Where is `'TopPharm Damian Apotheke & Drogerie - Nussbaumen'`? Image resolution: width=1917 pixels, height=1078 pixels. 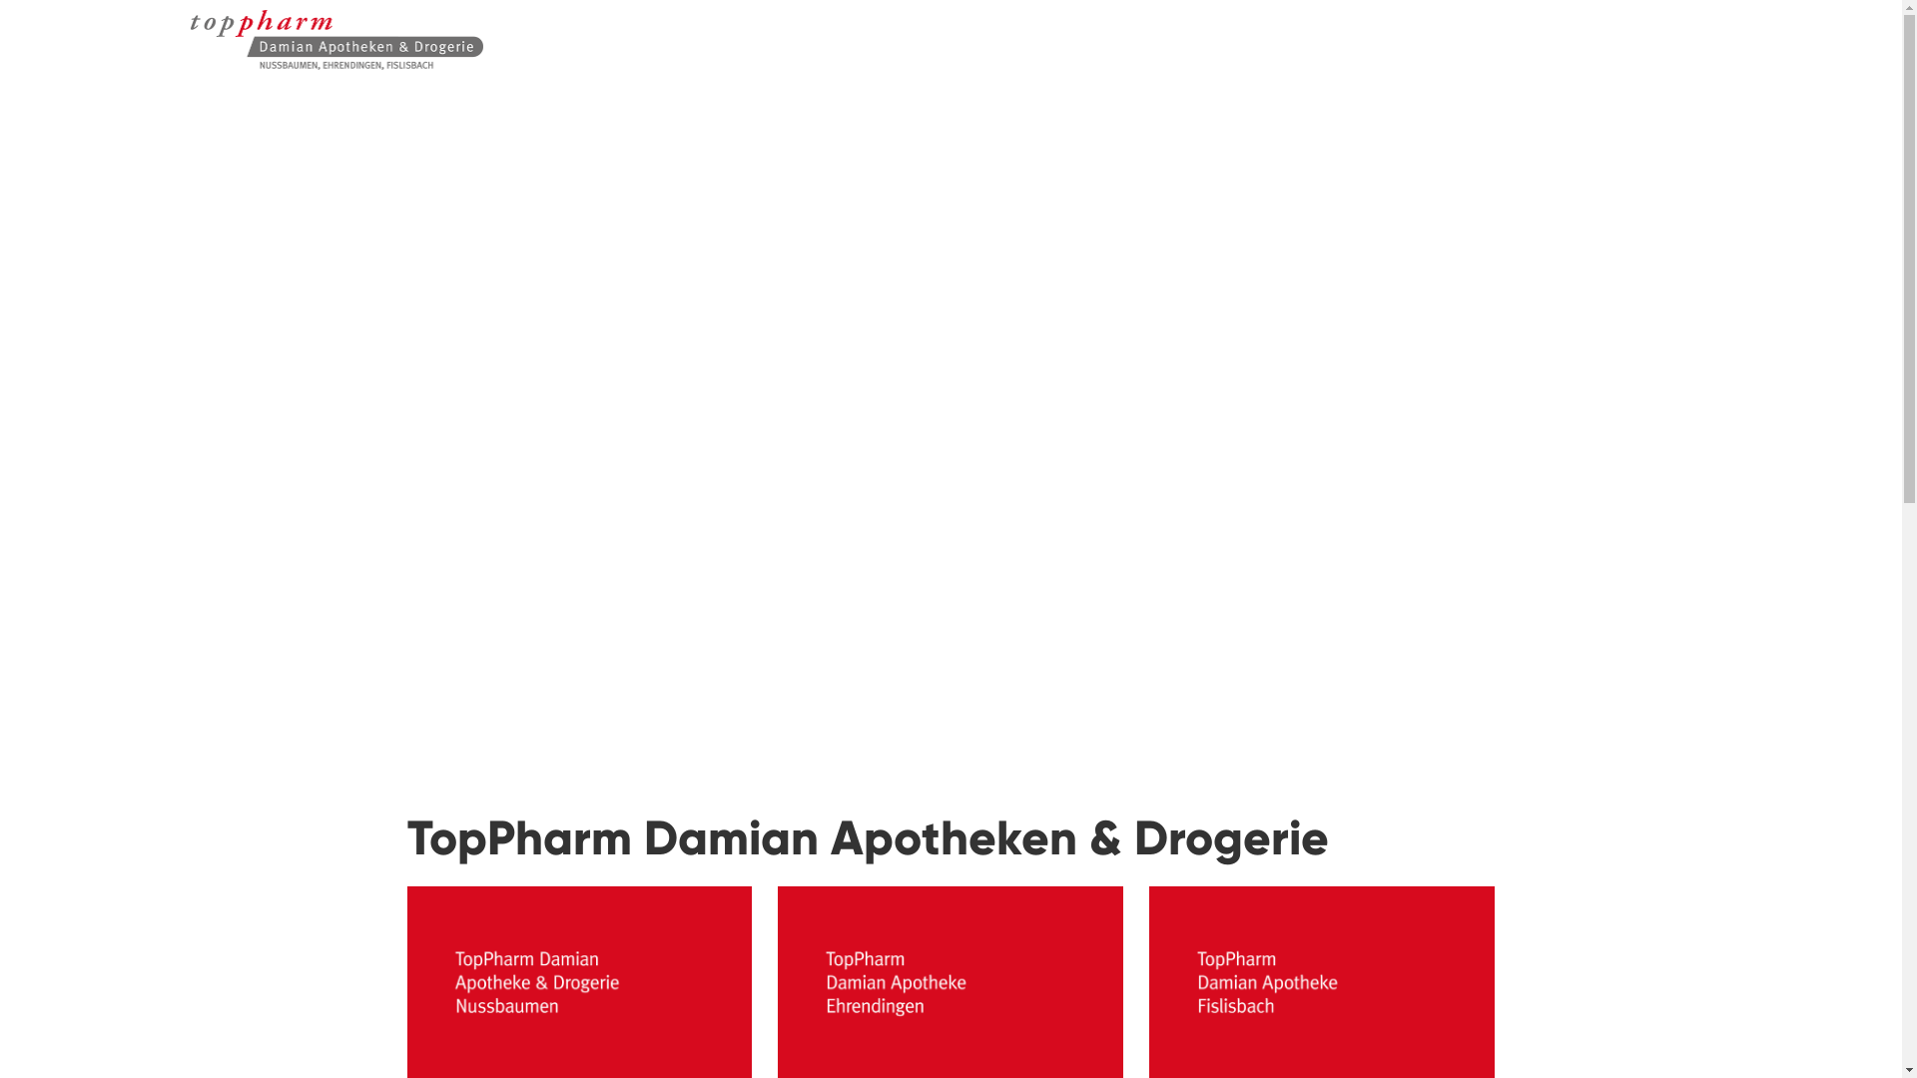
'TopPharm Damian Apotheke & Drogerie - Nussbaumen' is located at coordinates (242, 52).